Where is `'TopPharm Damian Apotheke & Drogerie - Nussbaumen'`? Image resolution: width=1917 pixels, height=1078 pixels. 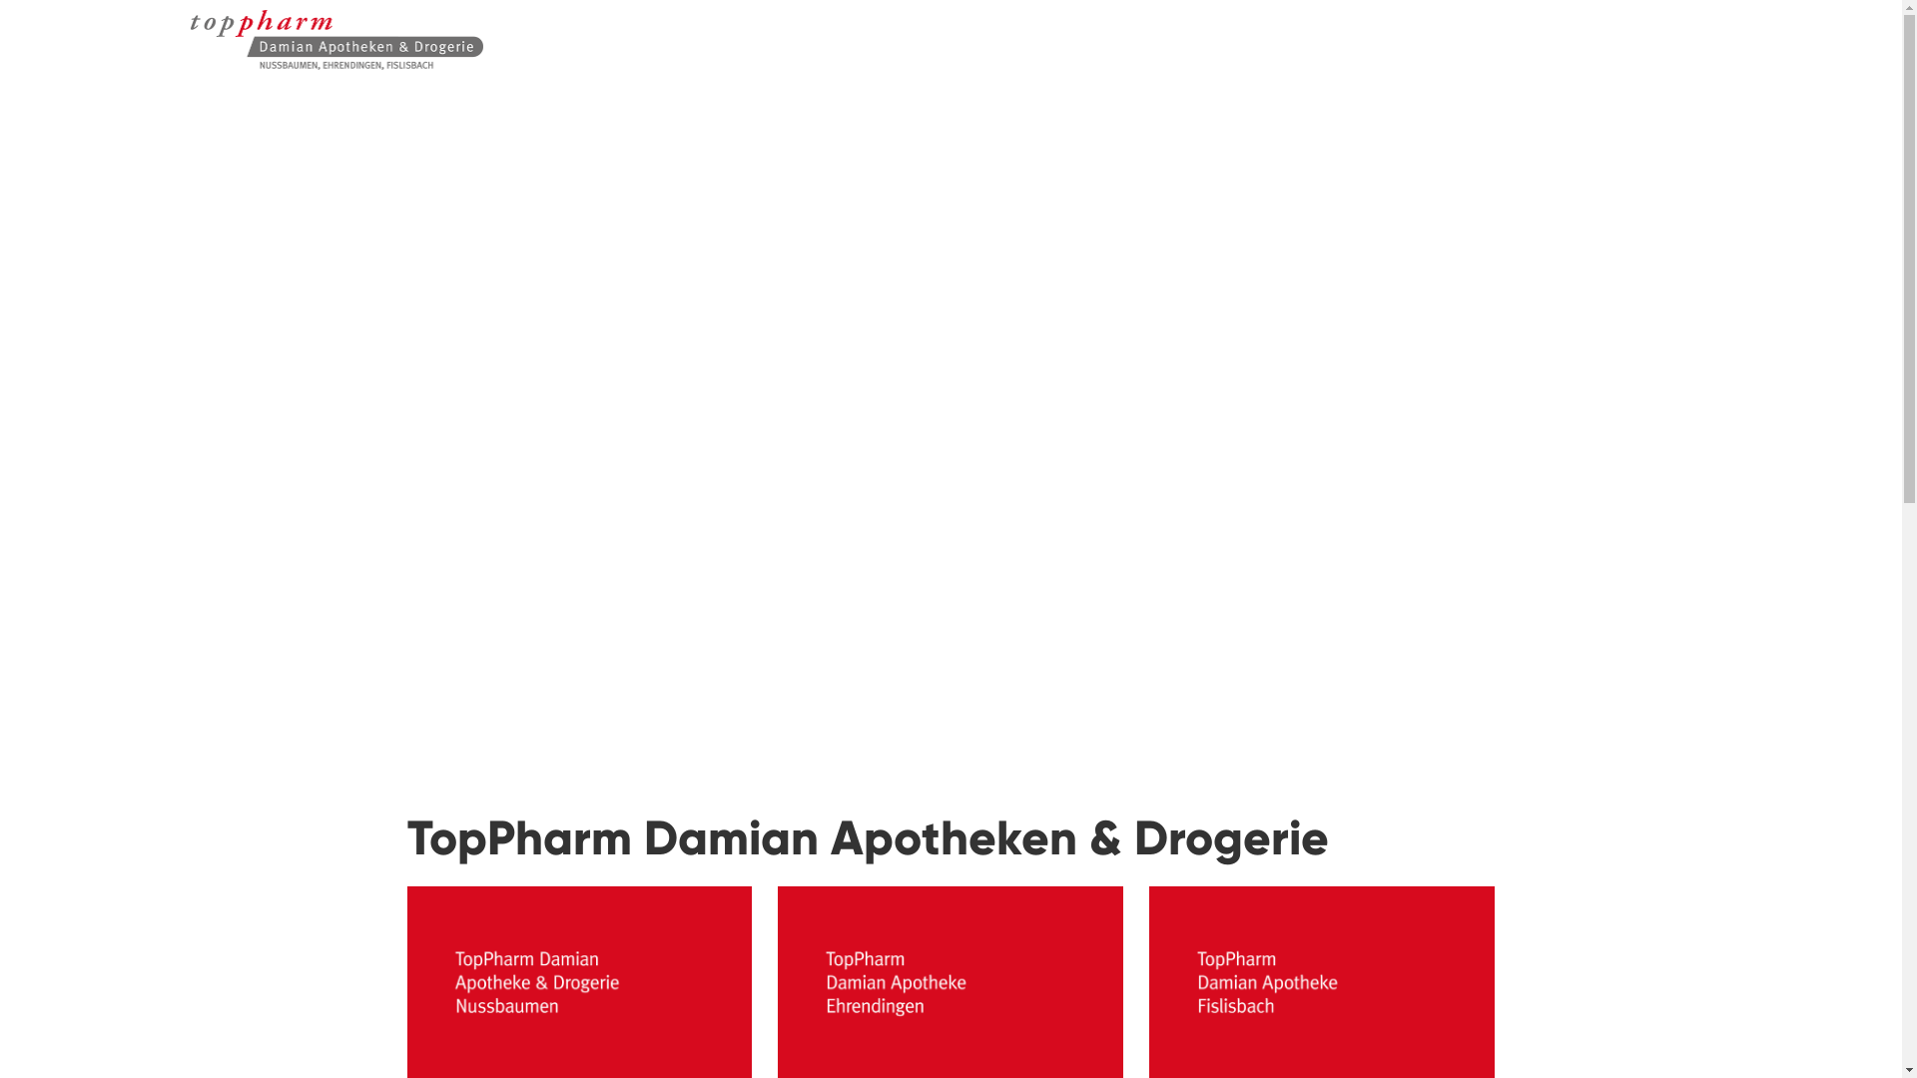
'TopPharm Damian Apotheke & Drogerie - Nussbaumen' is located at coordinates (242, 52).